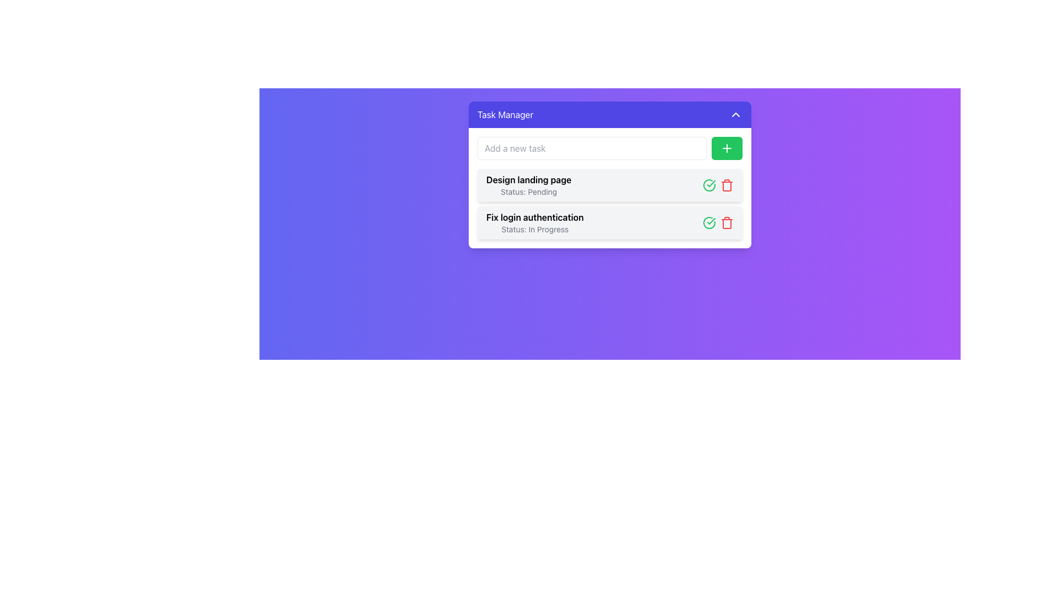 Image resolution: width=1060 pixels, height=596 pixels. I want to click on information displayed in the Text Label showing 'Status: Pending', which is styled in a small gray font and located below the 'Design landing page' label in the task manager interface, so click(528, 191).